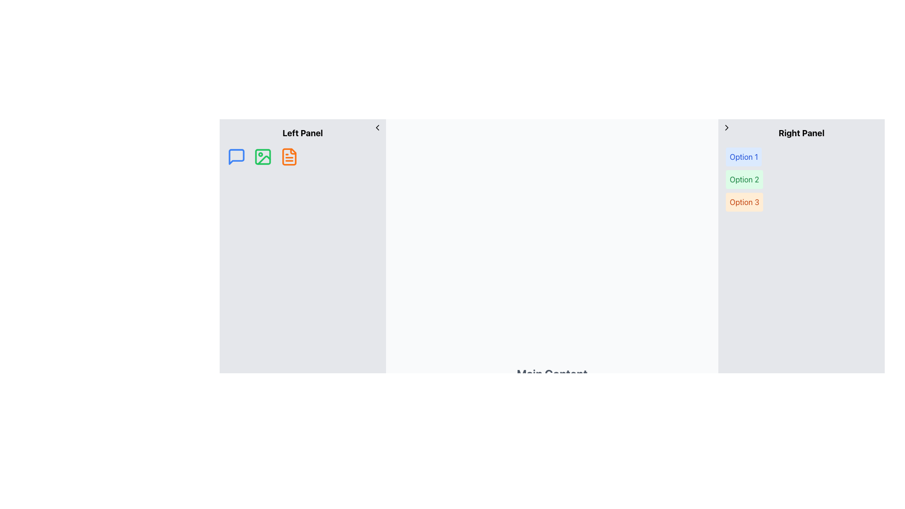 The height and width of the screenshot is (509, 905). I want to click on the text label displaying 'Right Panel', which is prominently positioned at the top of the right panel within the interface, so click(801, 133).